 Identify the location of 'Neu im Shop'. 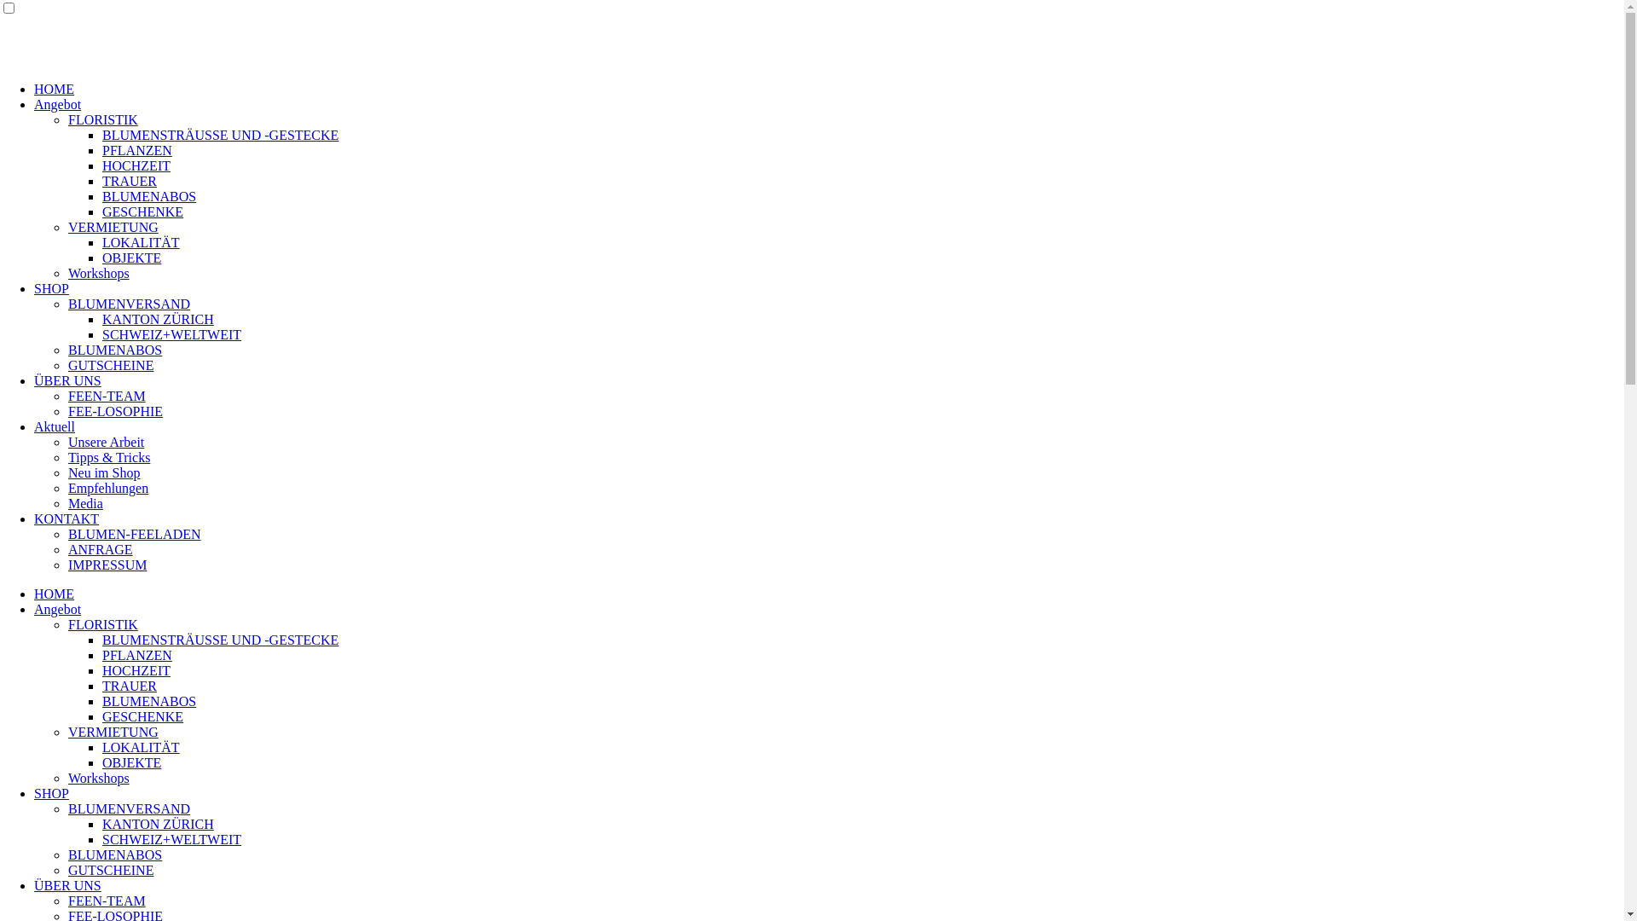
(102, 472).